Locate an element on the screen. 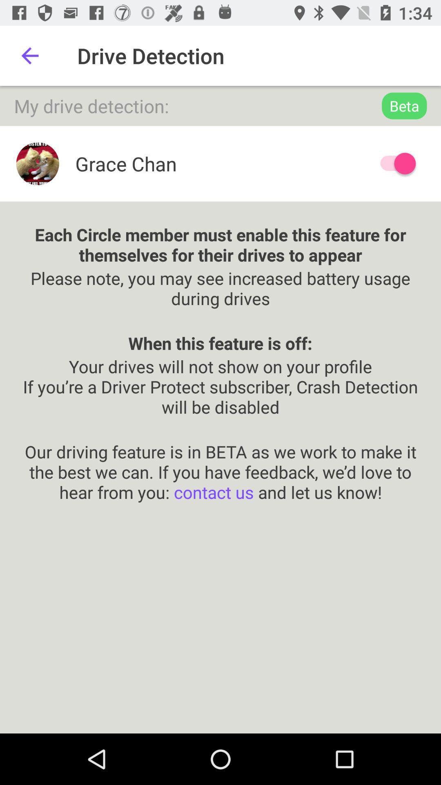  item next to grace chan icon is located at coordinates (394, 164).